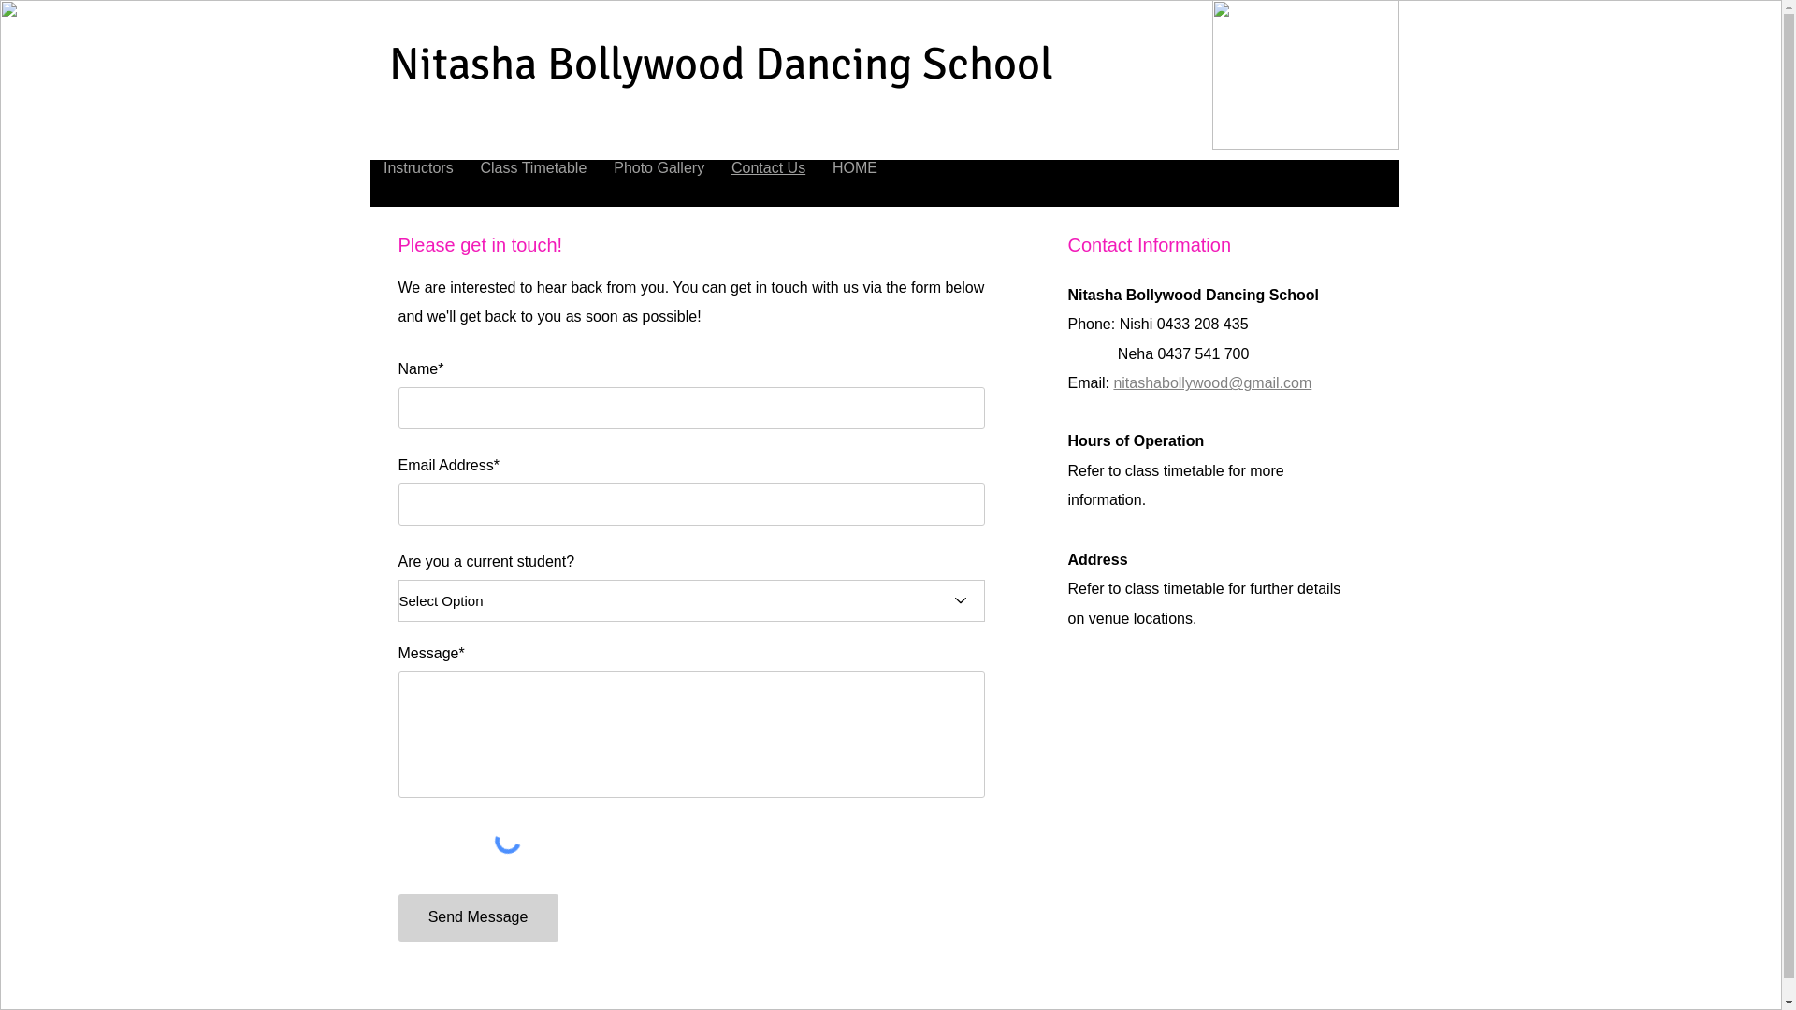 The width and height of the screenshot is (1796, 1010). What do you see at coordinates (659, 168) in the screenshot?
I see `'Photo Gallery'` at bounding box center [659, 168].